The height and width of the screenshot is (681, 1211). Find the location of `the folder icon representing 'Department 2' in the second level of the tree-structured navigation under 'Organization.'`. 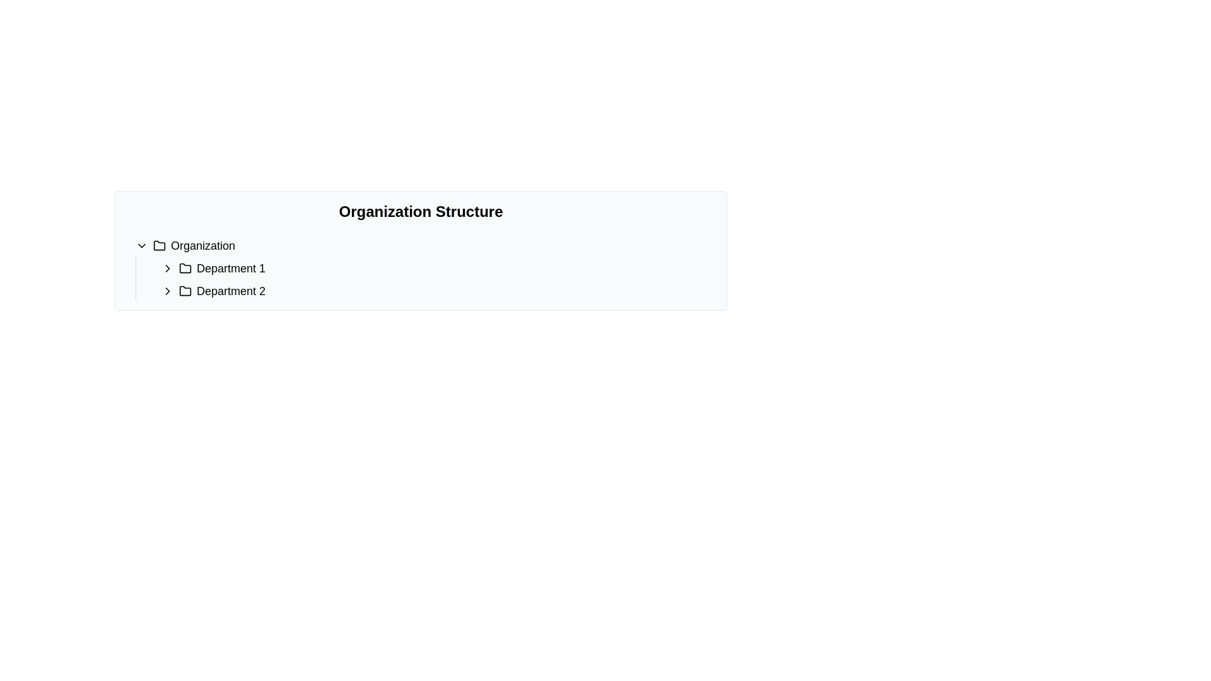

the folder icon representing 'Department 2' in the second level of the tree-structured navigation under 'Organization.' is located at coordinates (184, 291).